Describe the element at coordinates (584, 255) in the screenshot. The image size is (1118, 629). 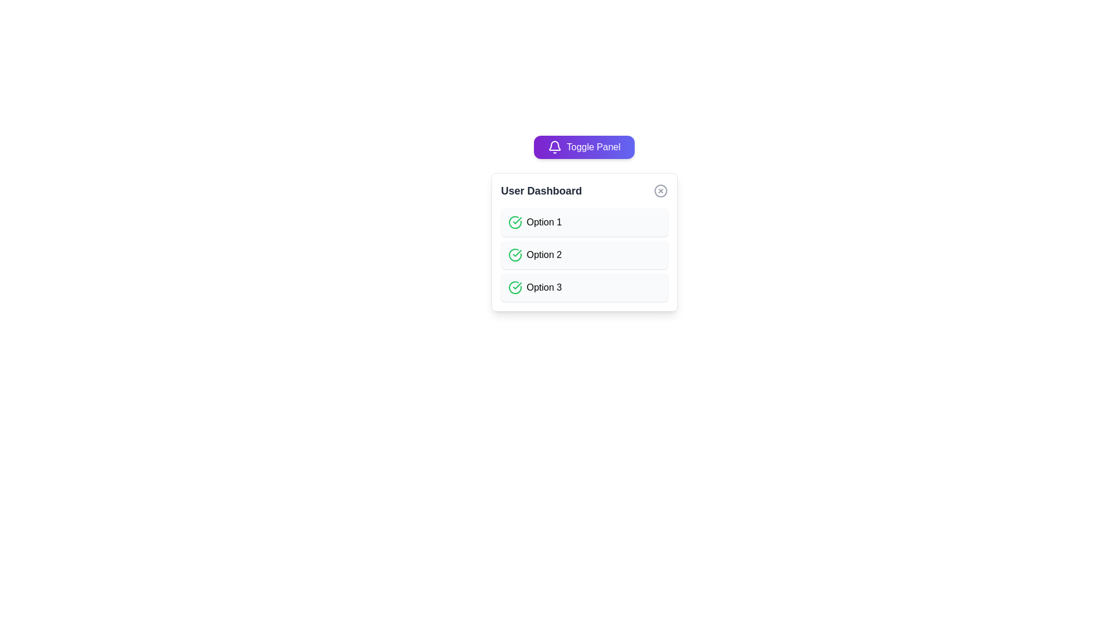
I see `the second list item in the 'User Dashboard'` at that location.